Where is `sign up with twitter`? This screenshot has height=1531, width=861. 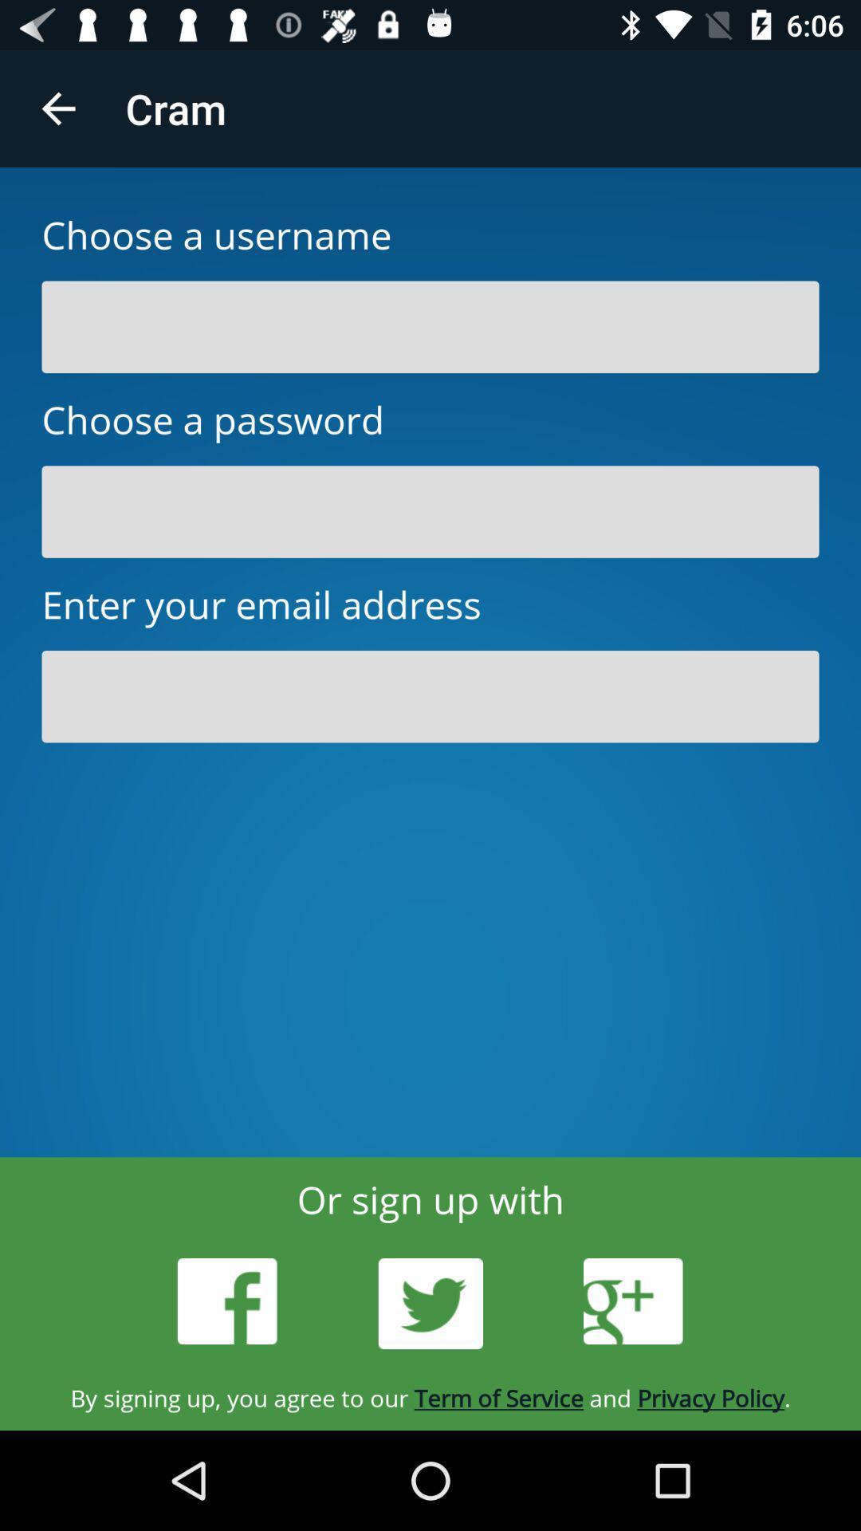
sign up with twitter is located at coordinates (431, 1304).